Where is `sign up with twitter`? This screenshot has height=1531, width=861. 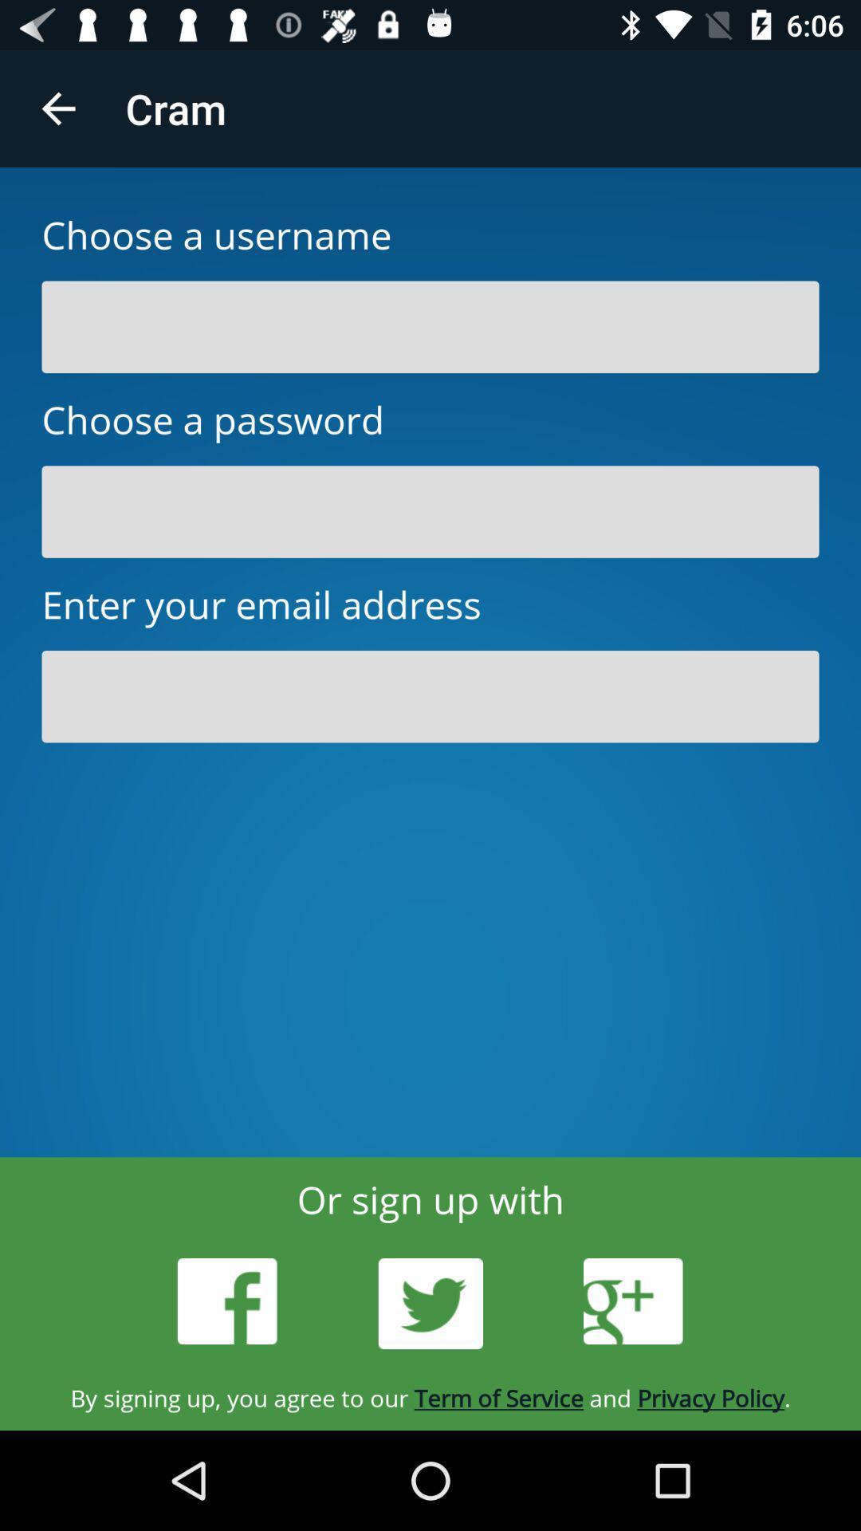
sign up with twitter is located at coordinates (431, 1304).